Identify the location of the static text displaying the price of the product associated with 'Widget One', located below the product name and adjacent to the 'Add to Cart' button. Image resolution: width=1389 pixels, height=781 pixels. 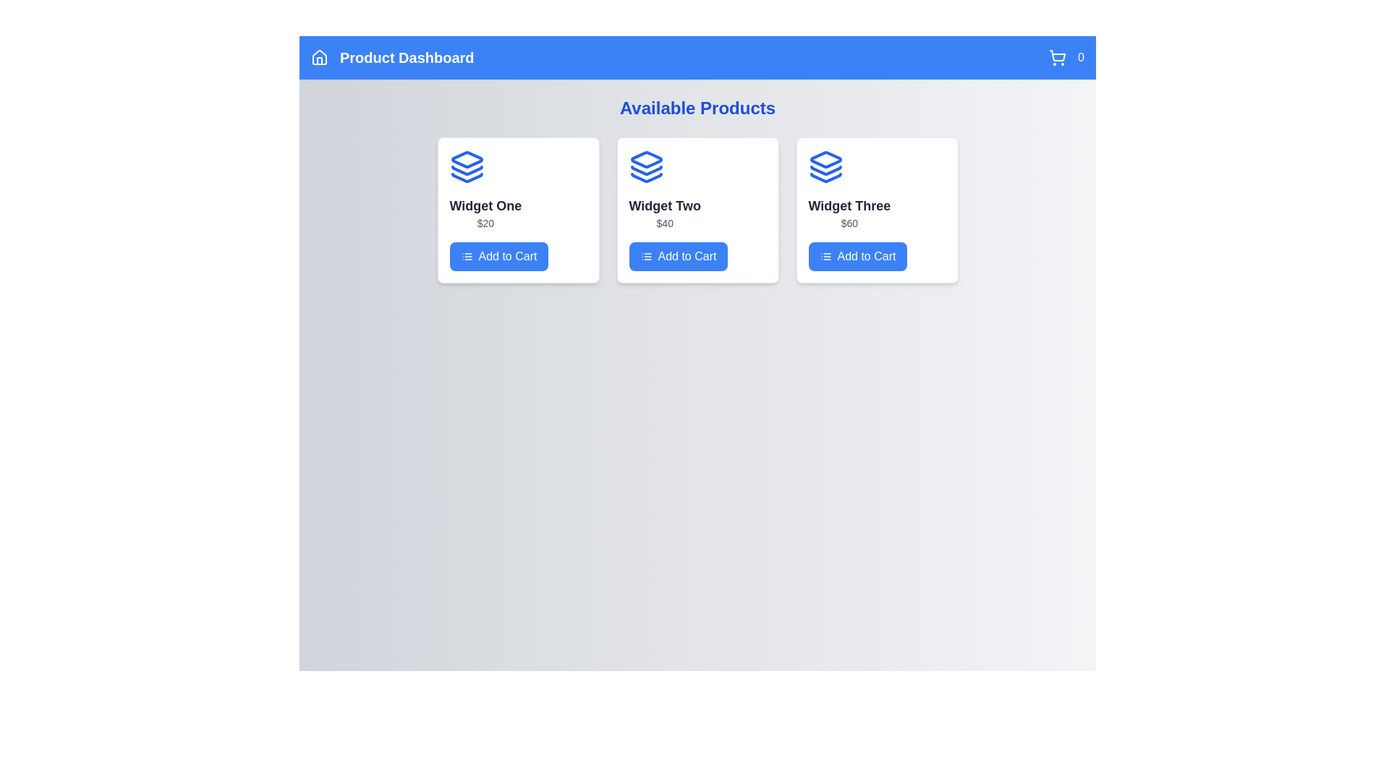
(485, 223).